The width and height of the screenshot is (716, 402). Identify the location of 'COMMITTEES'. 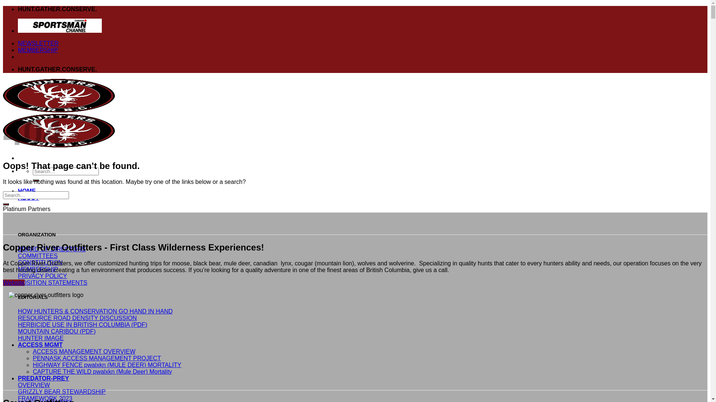
(37, 255).